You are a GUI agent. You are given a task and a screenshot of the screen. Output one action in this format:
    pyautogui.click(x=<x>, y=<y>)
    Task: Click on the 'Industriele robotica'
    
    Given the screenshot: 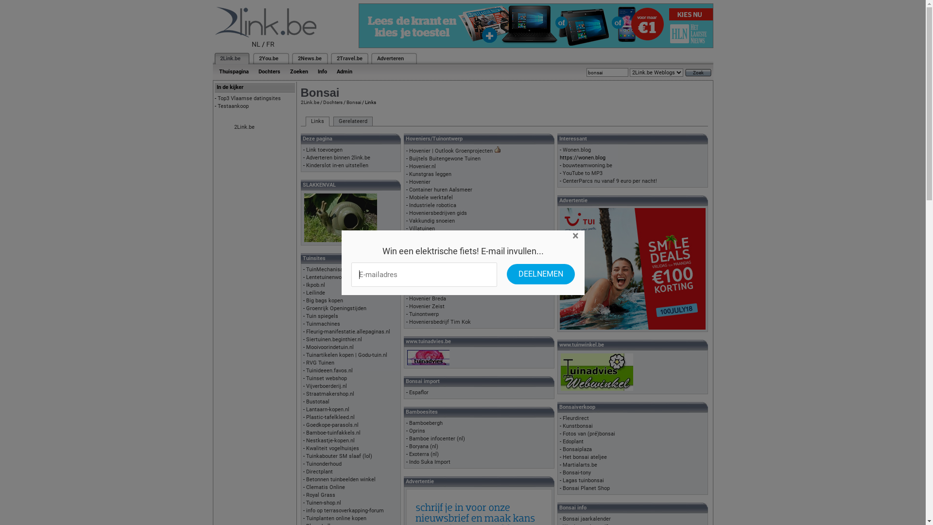 What is the action you would take?
    pyautogui.click(x=432, y=205)
    